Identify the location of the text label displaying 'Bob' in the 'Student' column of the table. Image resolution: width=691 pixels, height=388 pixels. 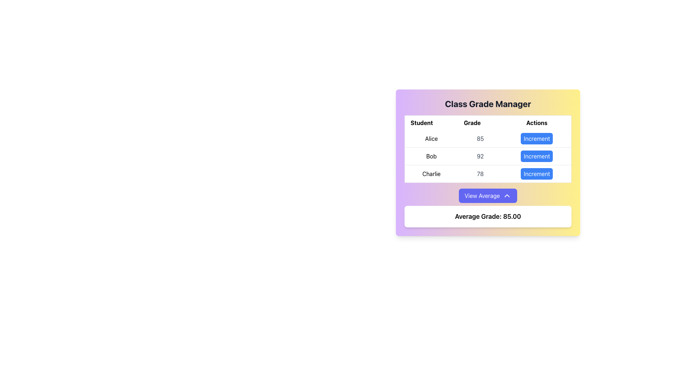
(431, 156).